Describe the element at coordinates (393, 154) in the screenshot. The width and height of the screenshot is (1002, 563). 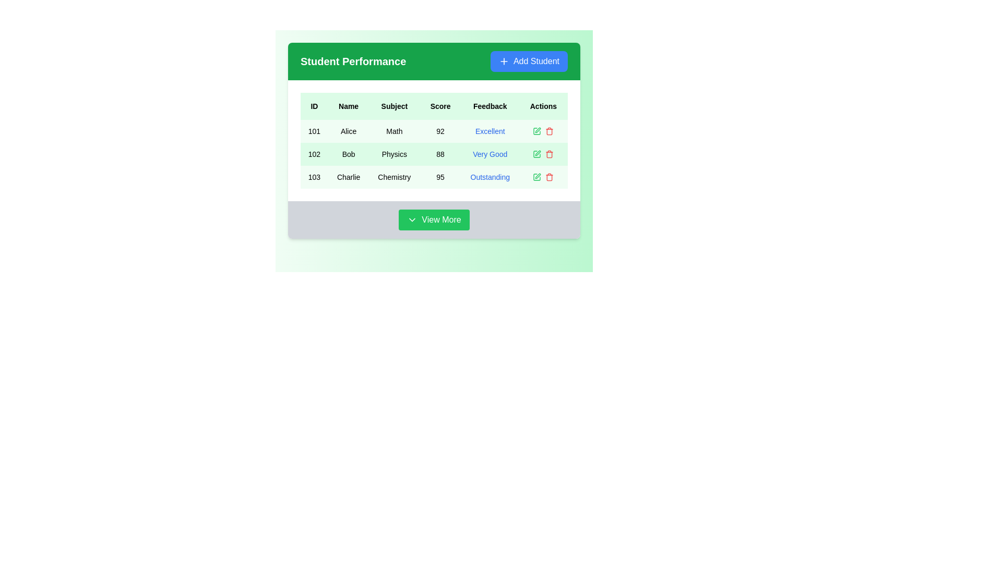
I see `the text label indicating the subject associated with the student performance data for Bob in row ID '102'` at that location.